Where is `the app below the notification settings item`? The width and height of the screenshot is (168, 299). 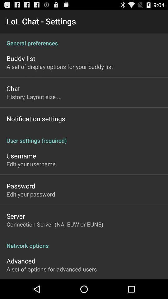 the app below the notification settings item is located at coordinates (84, 137).